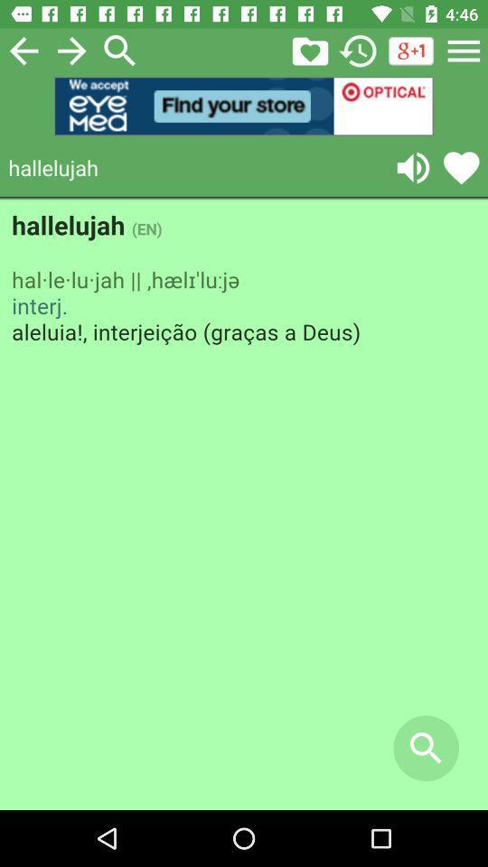 Image resolution: width=488 pixels, height=867 pixels. I want to click on to favorites list, so click(461, 167).